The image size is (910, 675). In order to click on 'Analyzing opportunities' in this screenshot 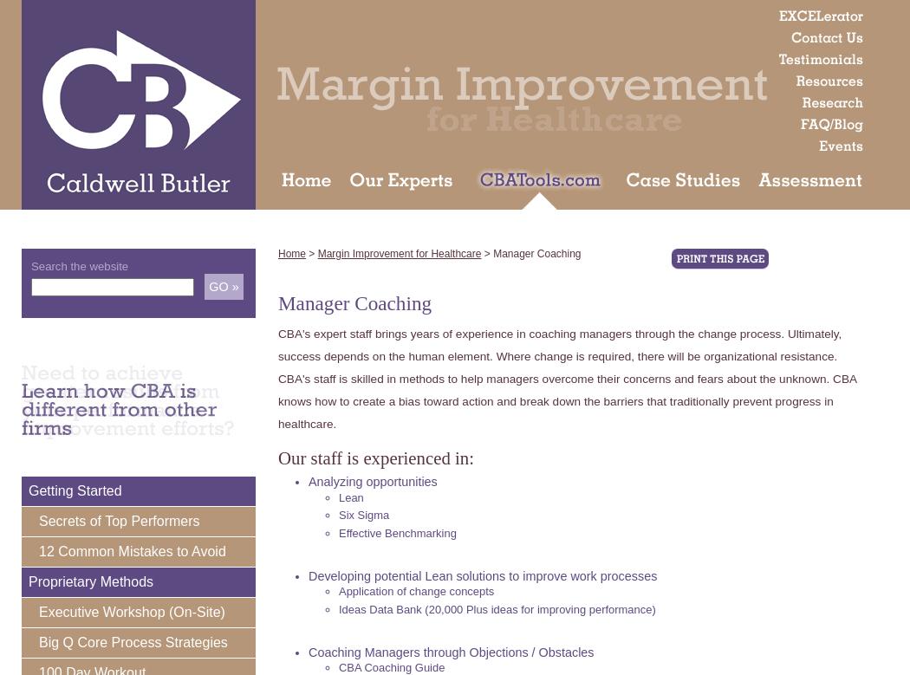, I will do `click(371, 480)`.